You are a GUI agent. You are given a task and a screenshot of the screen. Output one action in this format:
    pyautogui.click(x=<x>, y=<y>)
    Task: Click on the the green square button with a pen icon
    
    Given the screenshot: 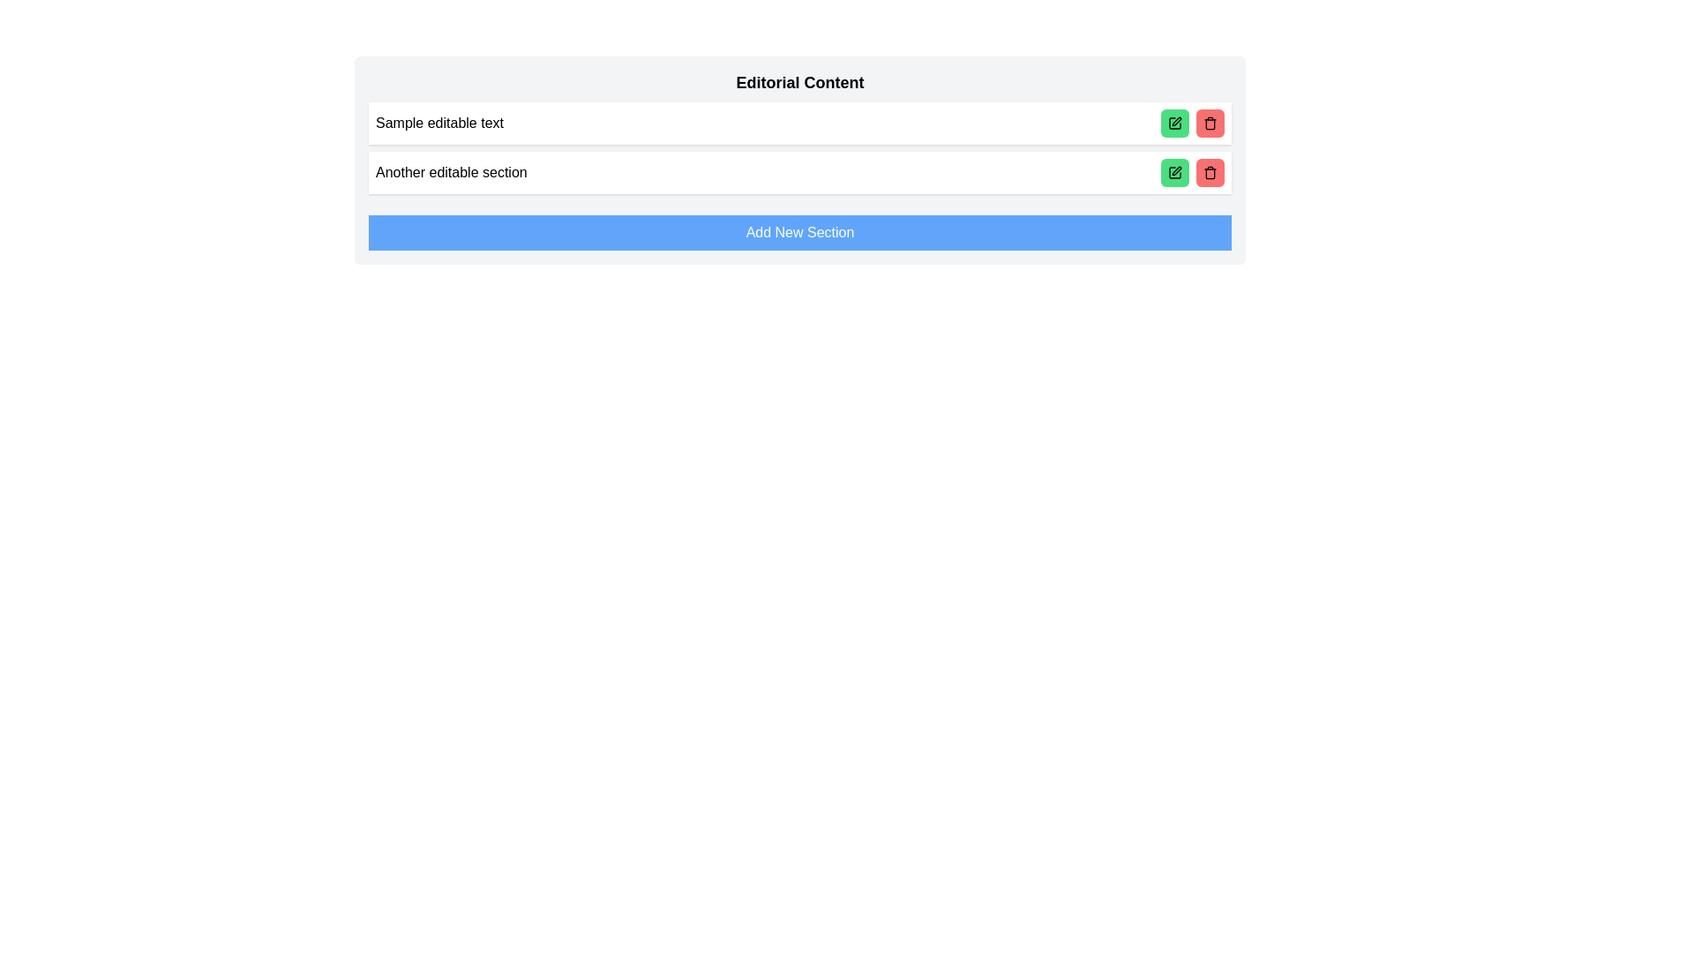 What is the action you would take?
    pyautogui.click(x=1174, y=173)
    